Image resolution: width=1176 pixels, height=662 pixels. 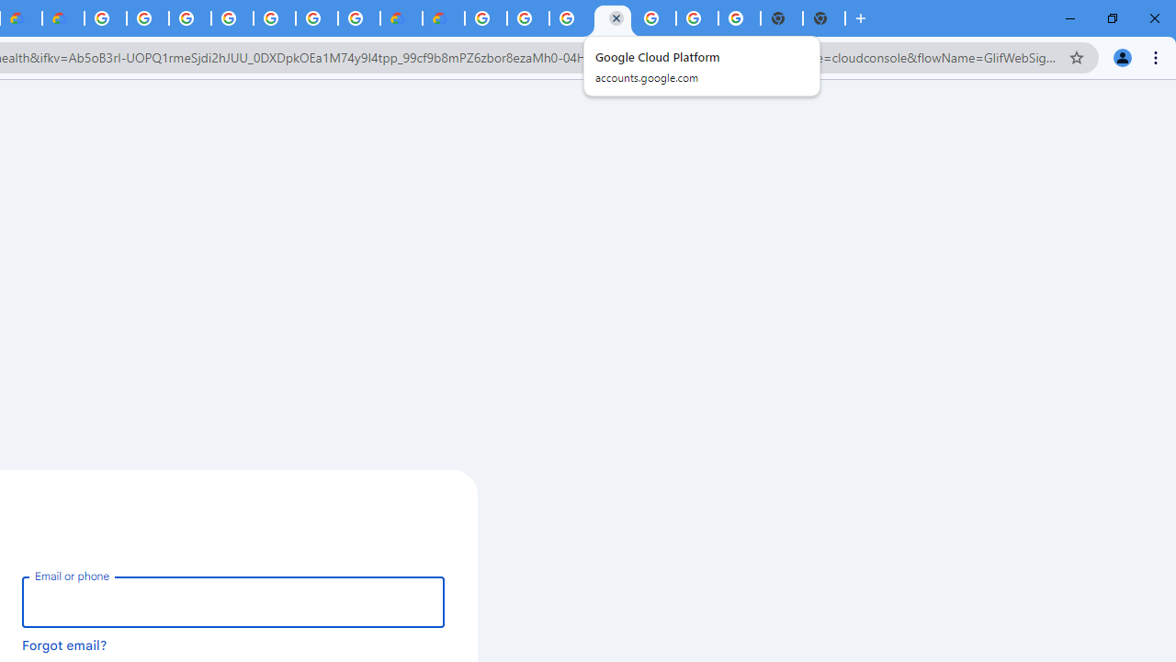 What do you see at coordinates (443, 18) in the screenshot?
I see `'Google Cloud Estimate Summary'` at bounding box center [443, 18].